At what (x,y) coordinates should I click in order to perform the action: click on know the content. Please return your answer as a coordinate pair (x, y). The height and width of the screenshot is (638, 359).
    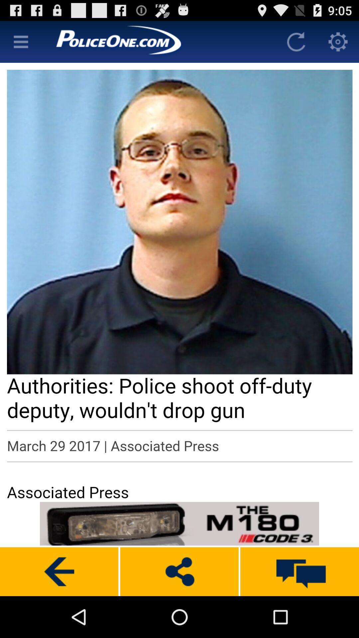
    Looking at the image, I should click on (338, 41).